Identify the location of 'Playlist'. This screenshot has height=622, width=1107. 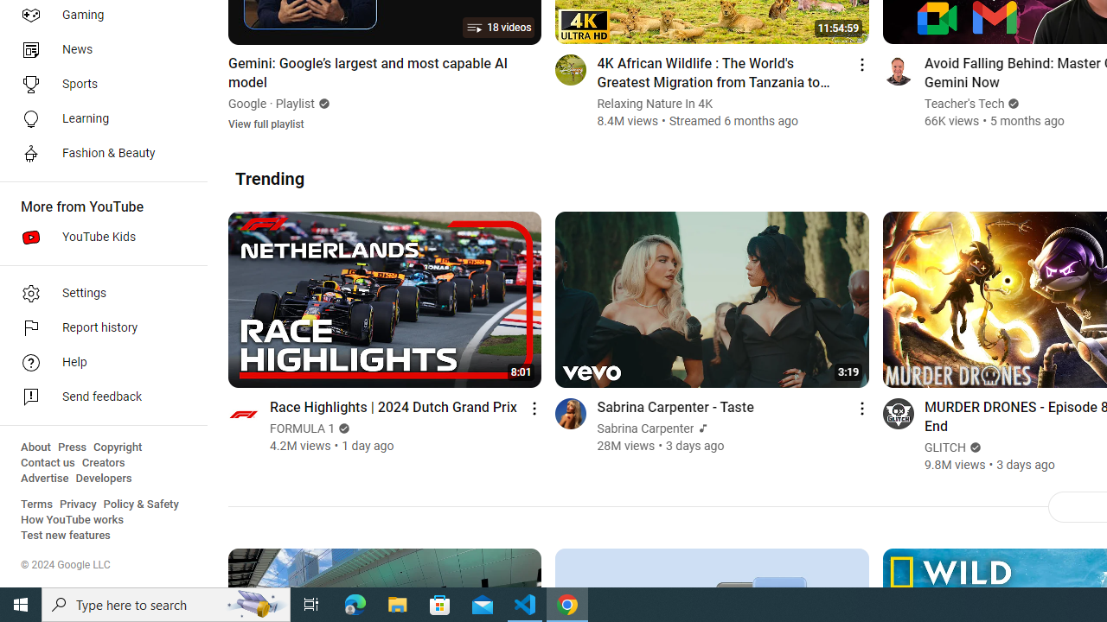
(295, 104).